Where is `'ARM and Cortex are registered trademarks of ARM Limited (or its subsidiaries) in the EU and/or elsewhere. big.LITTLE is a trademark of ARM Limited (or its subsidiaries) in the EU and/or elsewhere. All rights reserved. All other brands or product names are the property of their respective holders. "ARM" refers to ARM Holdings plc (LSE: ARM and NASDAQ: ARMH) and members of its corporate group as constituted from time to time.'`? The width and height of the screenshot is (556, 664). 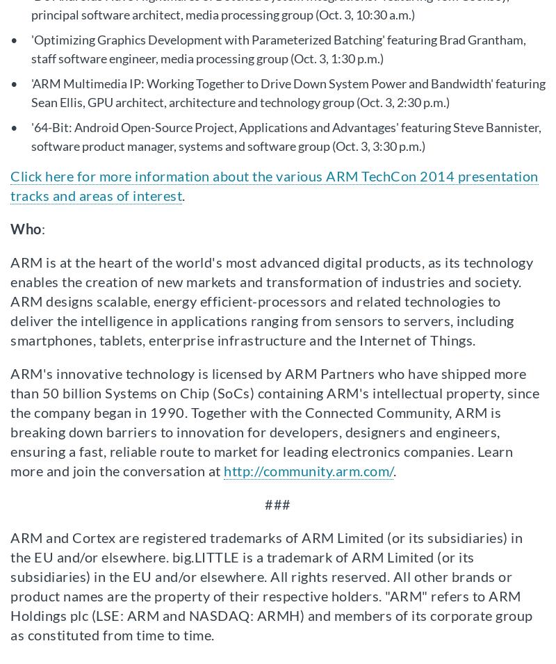
'ARM and Cortex are registered trademarks of ARM Limited (or its subsidiaries) in the EU and/or elsewhere. big.LITTLE is a trademark of ARM Limited (or its subsidiaries) in the EU and/or elsewhere. All rights reserved. All other brands or product names are the property of their respective holders. "ARM" refers to ARM Holdings plc (LSE: ARM and NASDAQ: ARMH) and members of its corporate group as constituted from time to time.' is located at coordinates (270, 585).